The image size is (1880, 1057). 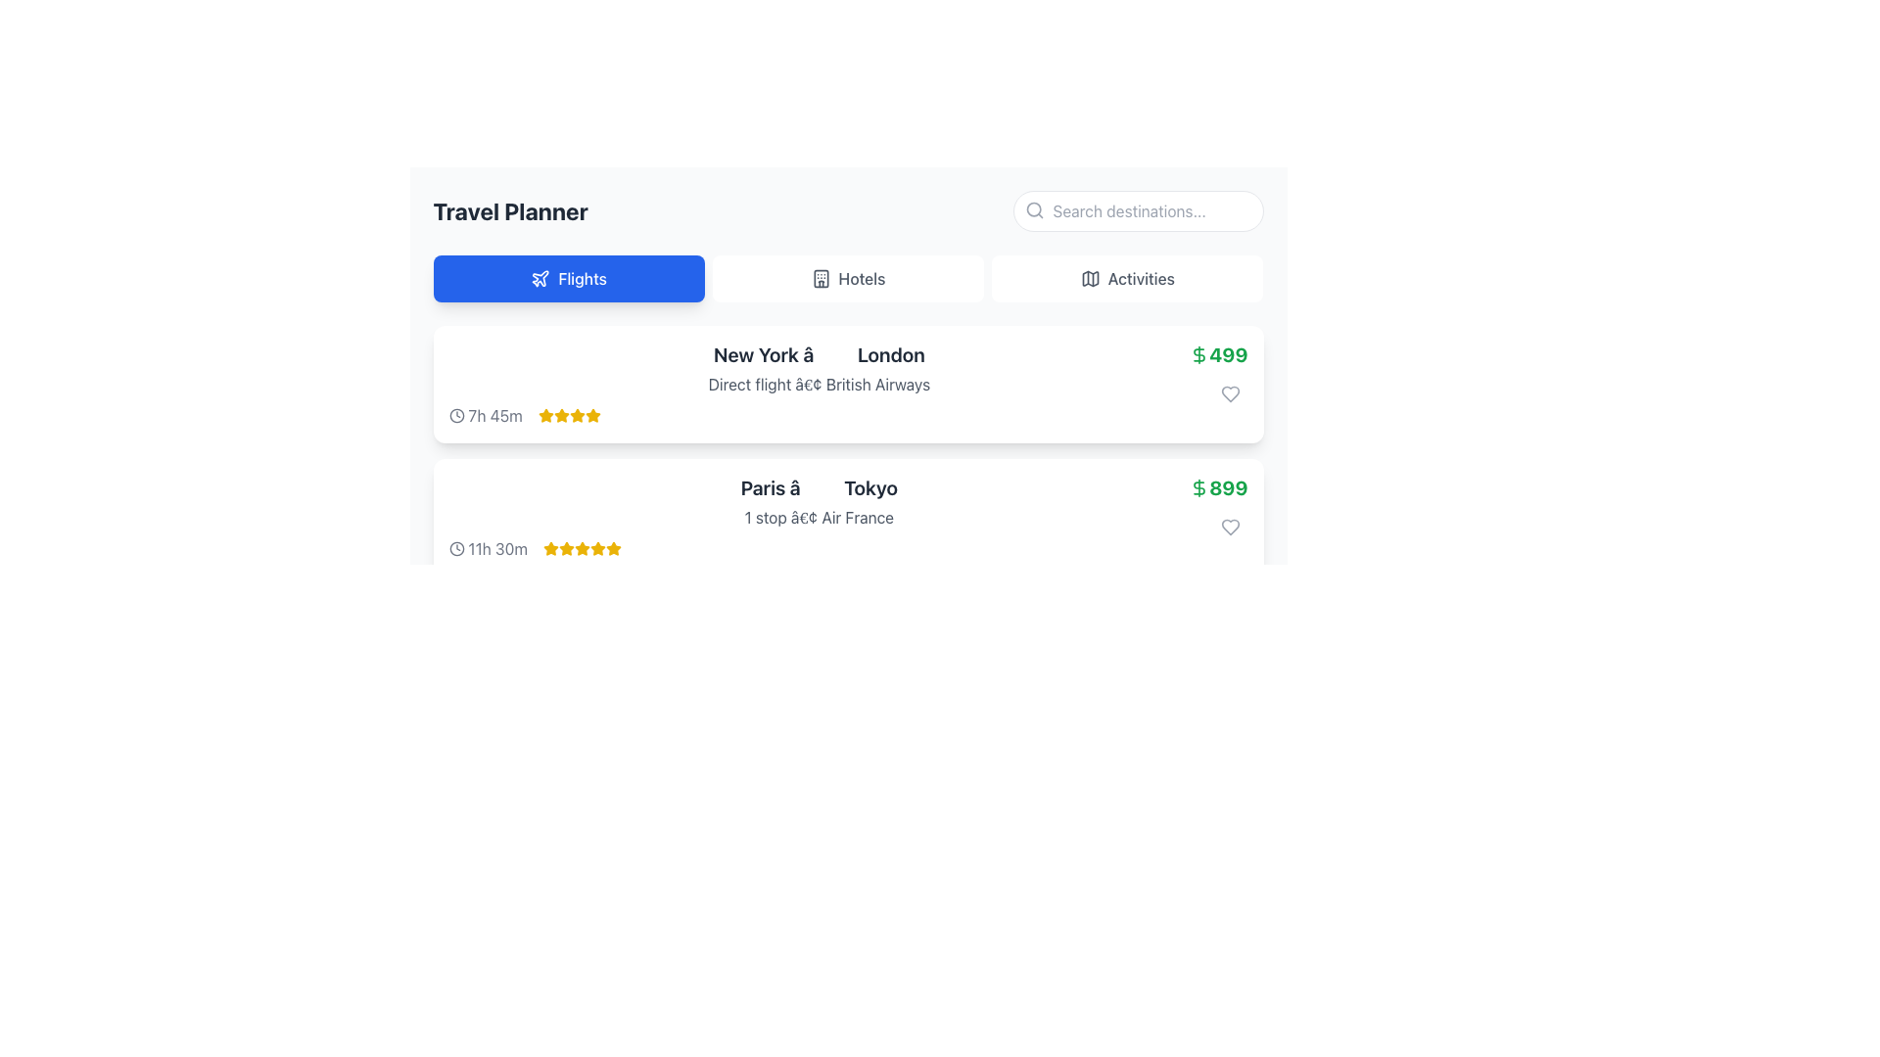 What do you see at coordinates (560, 414) in the screenshot?
I see `the third yellow star icon in the rating row located below '7h 45m' and adjacent to 'New York → London'` at bounding box center [560, 414].